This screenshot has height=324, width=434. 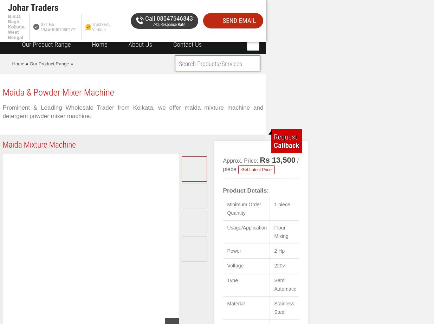 What do you see at coordinates (260, 160) in the screenshot?
I see `'Rs 13,500'` at bounding box center [260, 160].